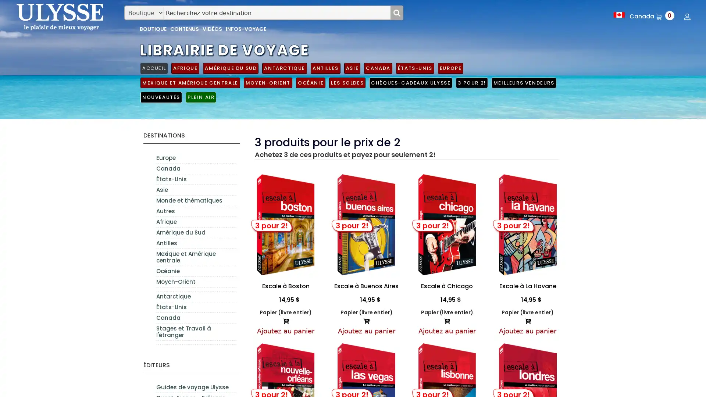 The image size is (706, 397). Describe the element at coordinates (310, 82) in the screenshot. I see `OCEANIE` at that location.